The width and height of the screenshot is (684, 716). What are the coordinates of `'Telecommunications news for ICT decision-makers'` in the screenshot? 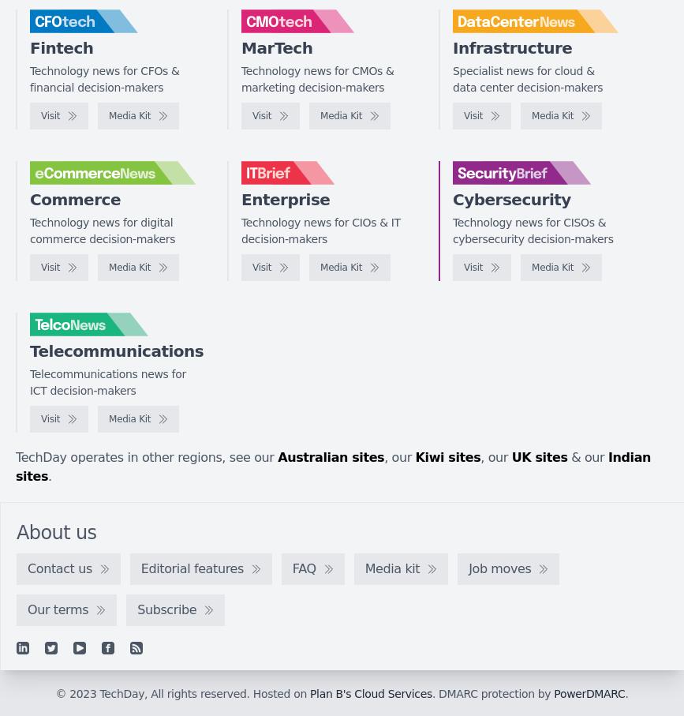 It's located at (107, 381).